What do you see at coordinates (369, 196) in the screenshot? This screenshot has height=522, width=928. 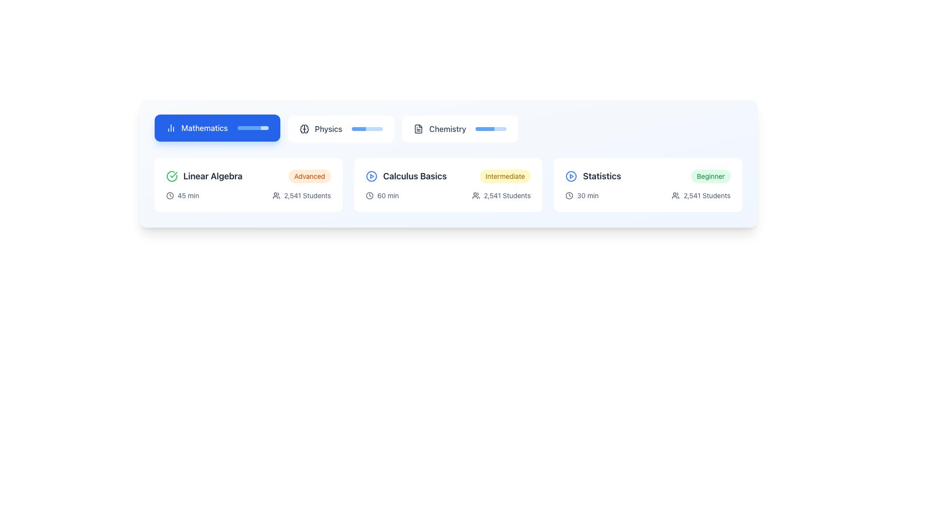 I see `the circular clock icon located in the third section of the 'Calculus Basics, Intermediate' course cards, positioned to the left of the '60 min' time duration text` at bounding box center [369, 196].